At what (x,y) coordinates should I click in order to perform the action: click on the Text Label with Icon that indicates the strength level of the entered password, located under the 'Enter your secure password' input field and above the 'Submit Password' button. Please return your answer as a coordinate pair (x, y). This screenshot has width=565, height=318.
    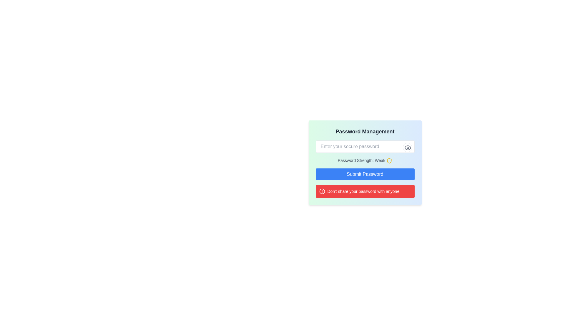
    Looking at the image, I should click on (365, 160).